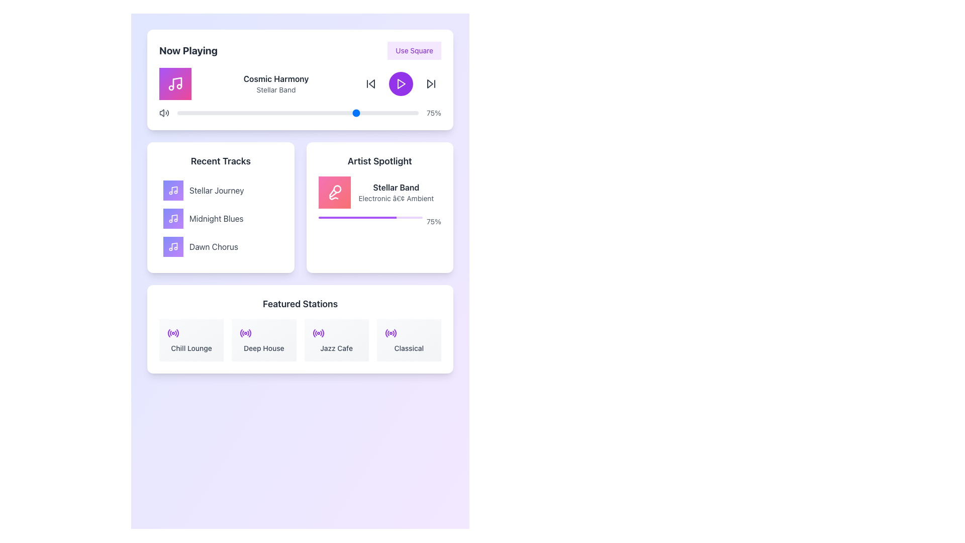 The width and height of the screenshot is (965, 543). I want to click on the text label that reads 'Stellar Band', which is styled in light gray and is positioned directly below the 'Cosmic Harmony' label in the 'Now Playing' section, so click(276, 89).